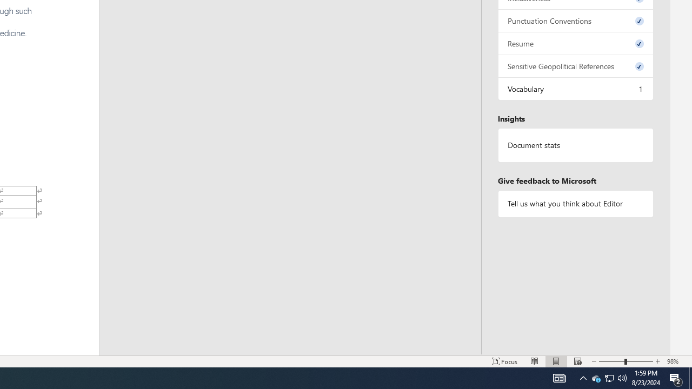  Describe the element at coordinates (575, 145) in the screenshot. I see `'Document statistics'` at that location.